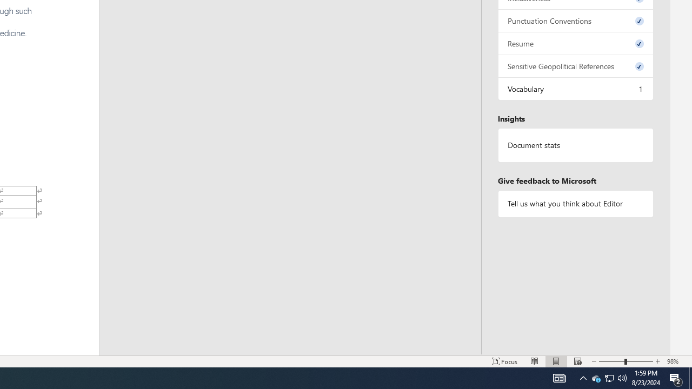  Describe the element at coordinates (575, 145) in the screenshot. I see `'Document statistics'` at that location.